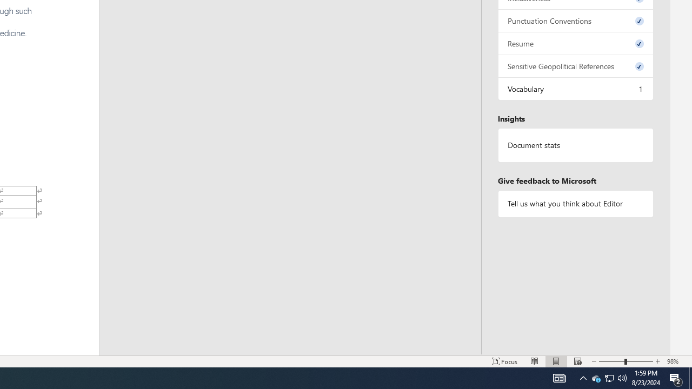  Describe the element at coordinates (575, 145) in the screenshot. I see `'Document statistics'` at that location.